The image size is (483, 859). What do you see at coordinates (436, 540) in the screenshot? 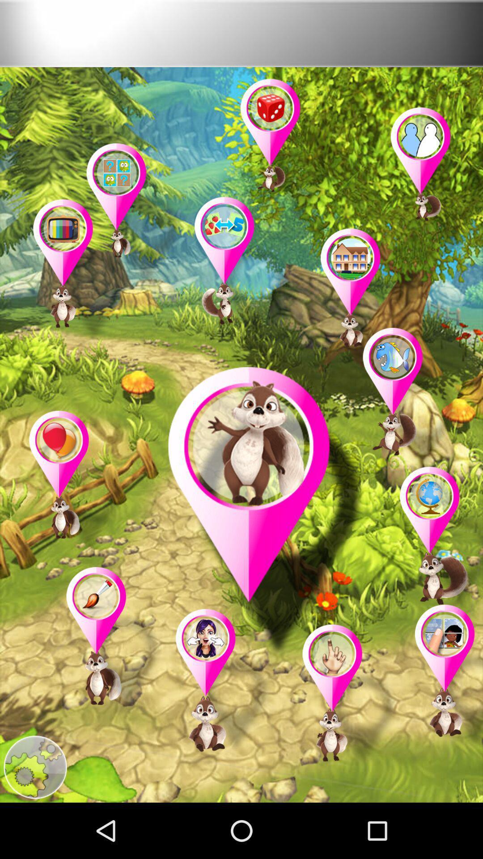
I see `squirrel with globe in thought bubble` at bounding box center [436, 540].